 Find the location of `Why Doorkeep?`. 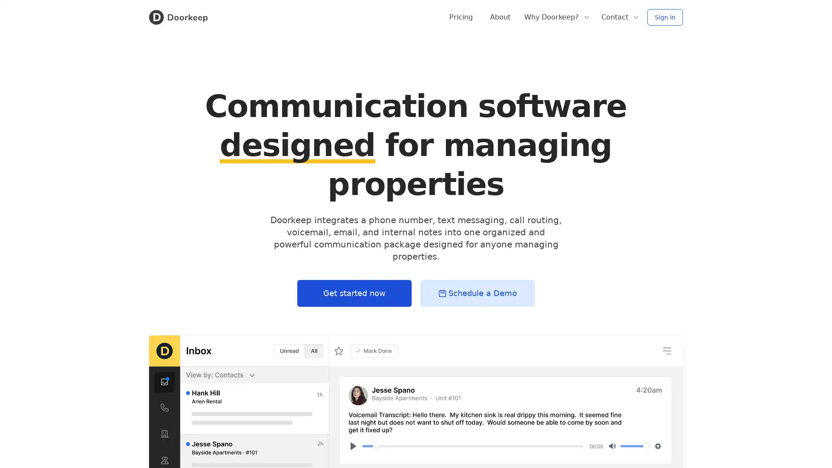

Why Doorkeep? is located at coordinates (557, 17).